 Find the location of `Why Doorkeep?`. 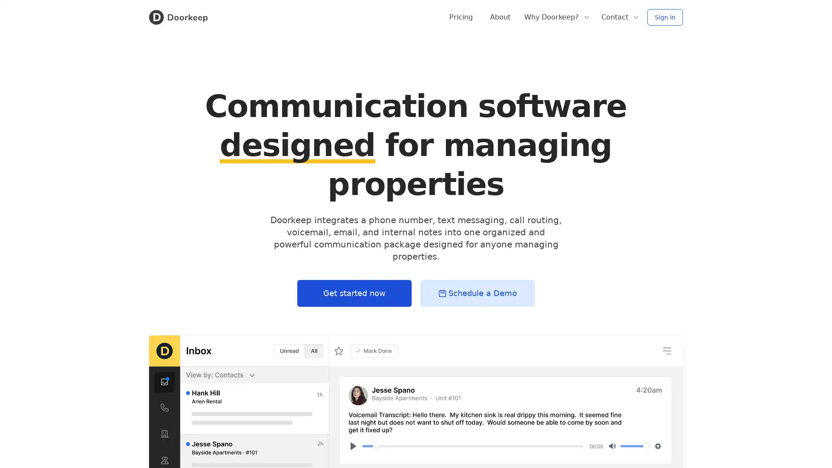

Why Doorkeep? is located at coordinates (557, 17).